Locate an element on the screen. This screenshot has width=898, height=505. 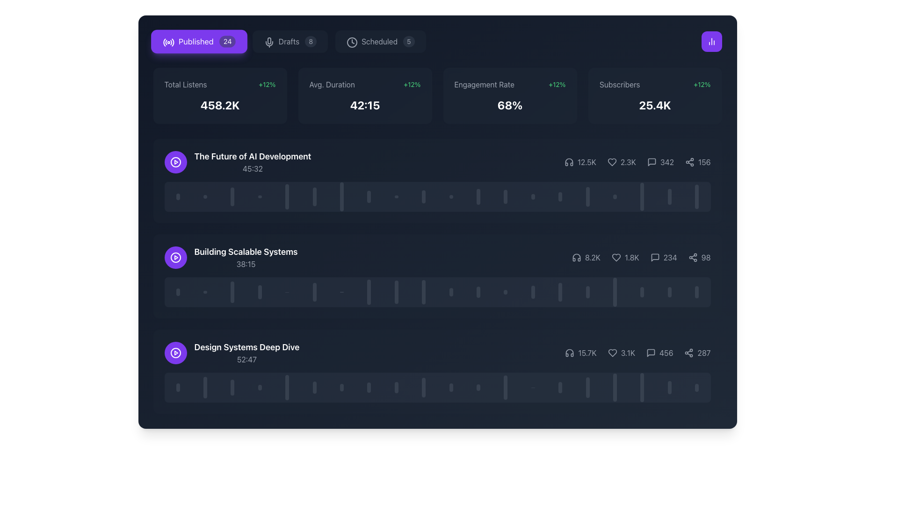
the last vertical gray bar with rounded ends in the timeline widget located at the bottom of the interface's middle section is located at coordinates (642, 388).